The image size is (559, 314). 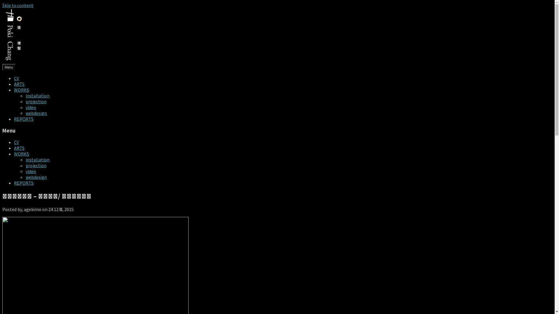 I want to click on 'projection', so click(x=36, y=101).